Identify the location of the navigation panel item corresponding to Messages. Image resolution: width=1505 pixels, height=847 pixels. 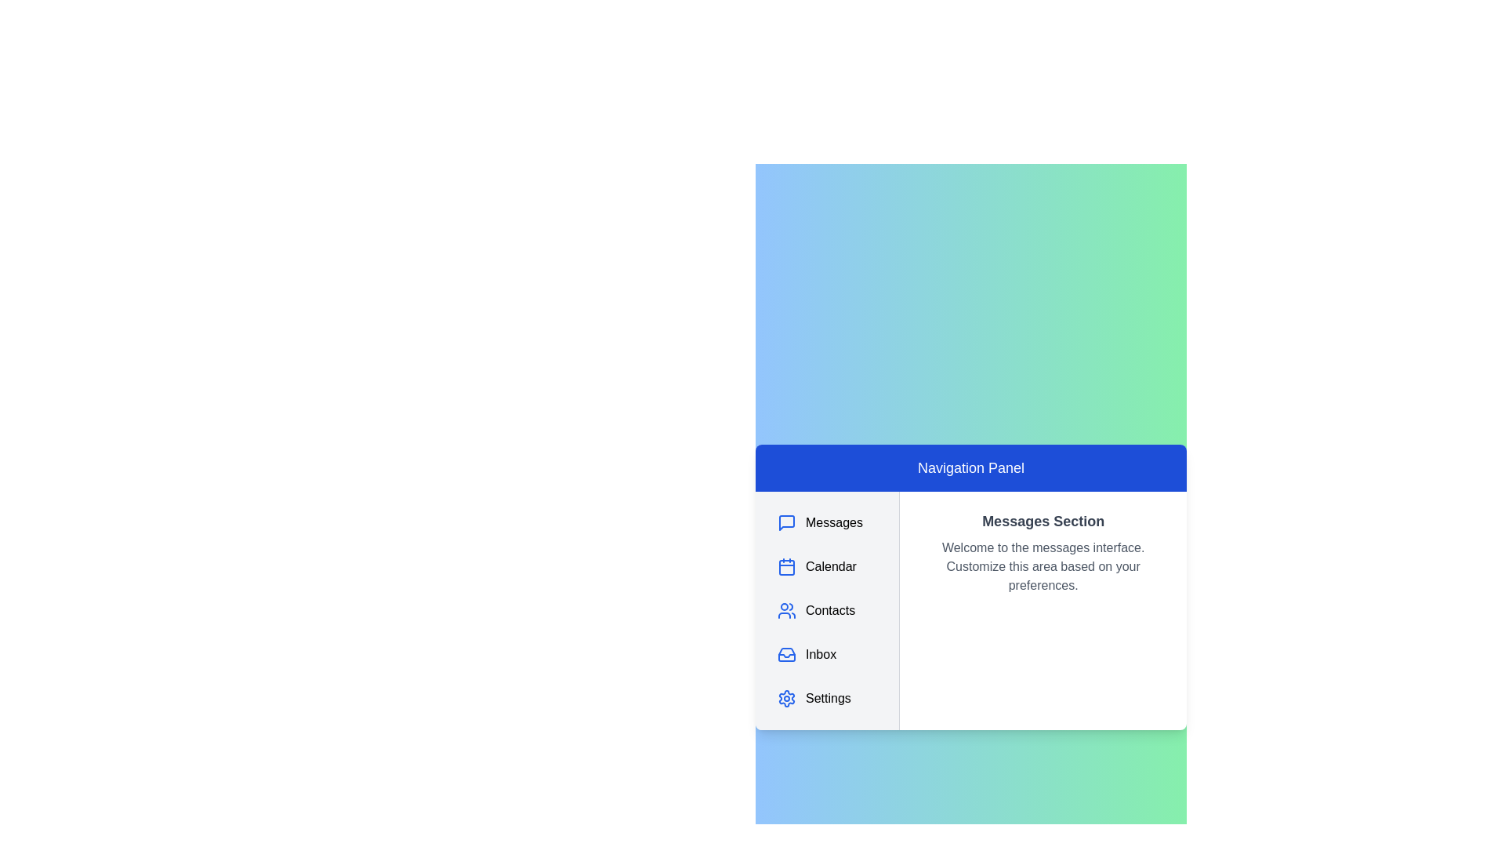
(826, 523).